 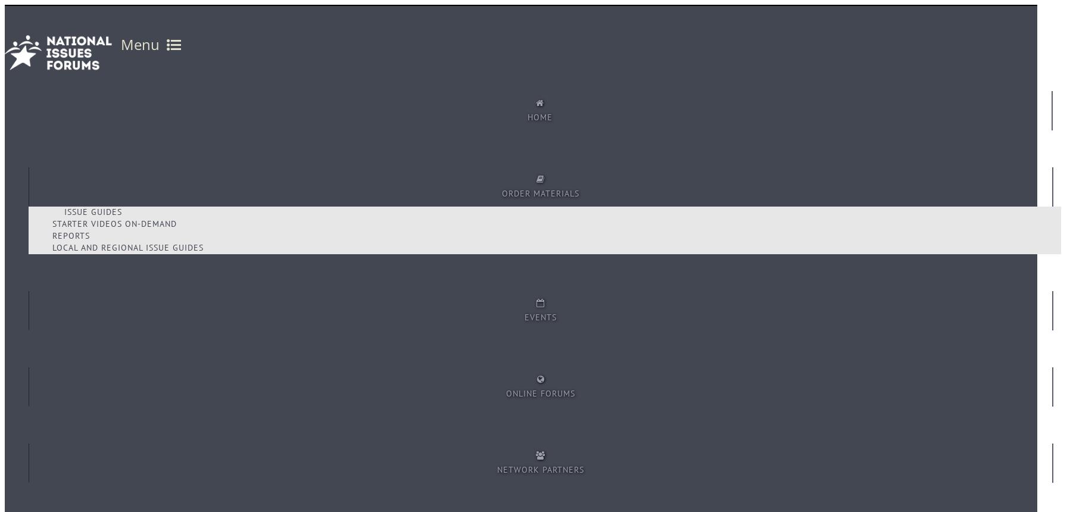 I want to click on 'Menu', so click(x=120, y=43).